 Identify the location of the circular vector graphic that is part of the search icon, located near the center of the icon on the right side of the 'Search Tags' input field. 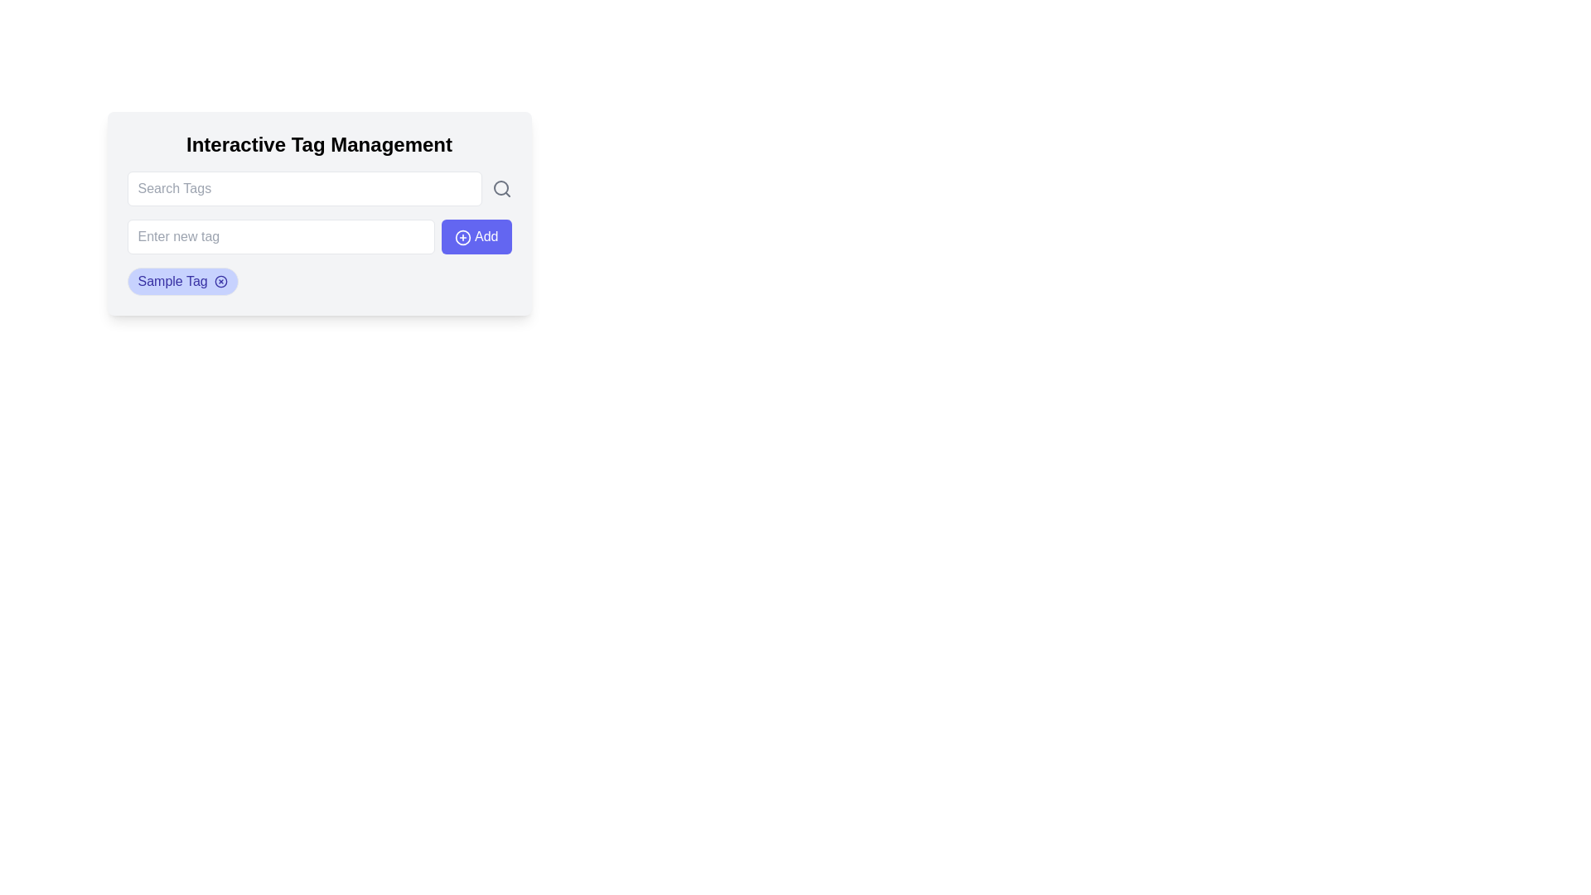
(500, 187).